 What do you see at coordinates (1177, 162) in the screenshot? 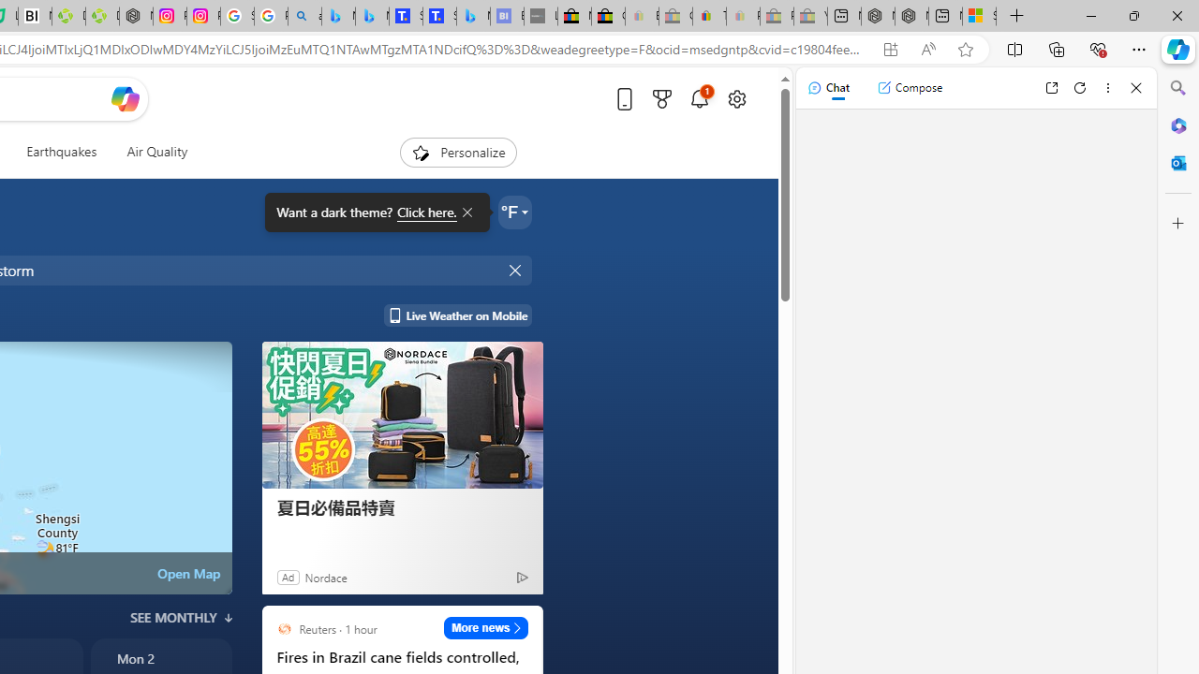
I see `'Outlook'` at bounding box center [1177, 162].